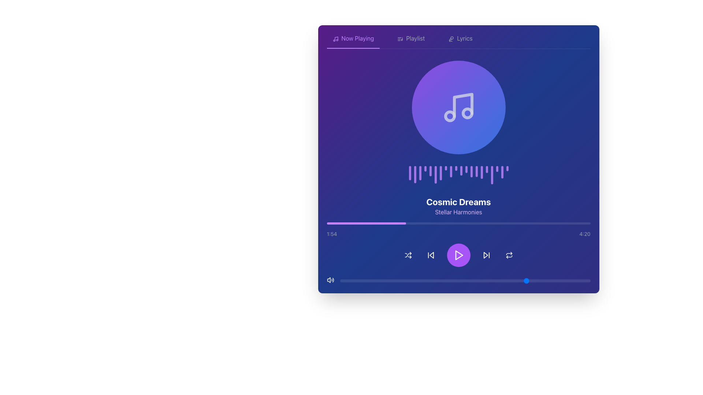 The width and height of the screenshot is (703, 395). What do you see at coordinates (458, 206) in the screenshot?
I see `the Text display element that shows the title and subtitle of the currently playing audio track, positioned in the upper-middle section of the main interface` at bounding box center [458, 206].